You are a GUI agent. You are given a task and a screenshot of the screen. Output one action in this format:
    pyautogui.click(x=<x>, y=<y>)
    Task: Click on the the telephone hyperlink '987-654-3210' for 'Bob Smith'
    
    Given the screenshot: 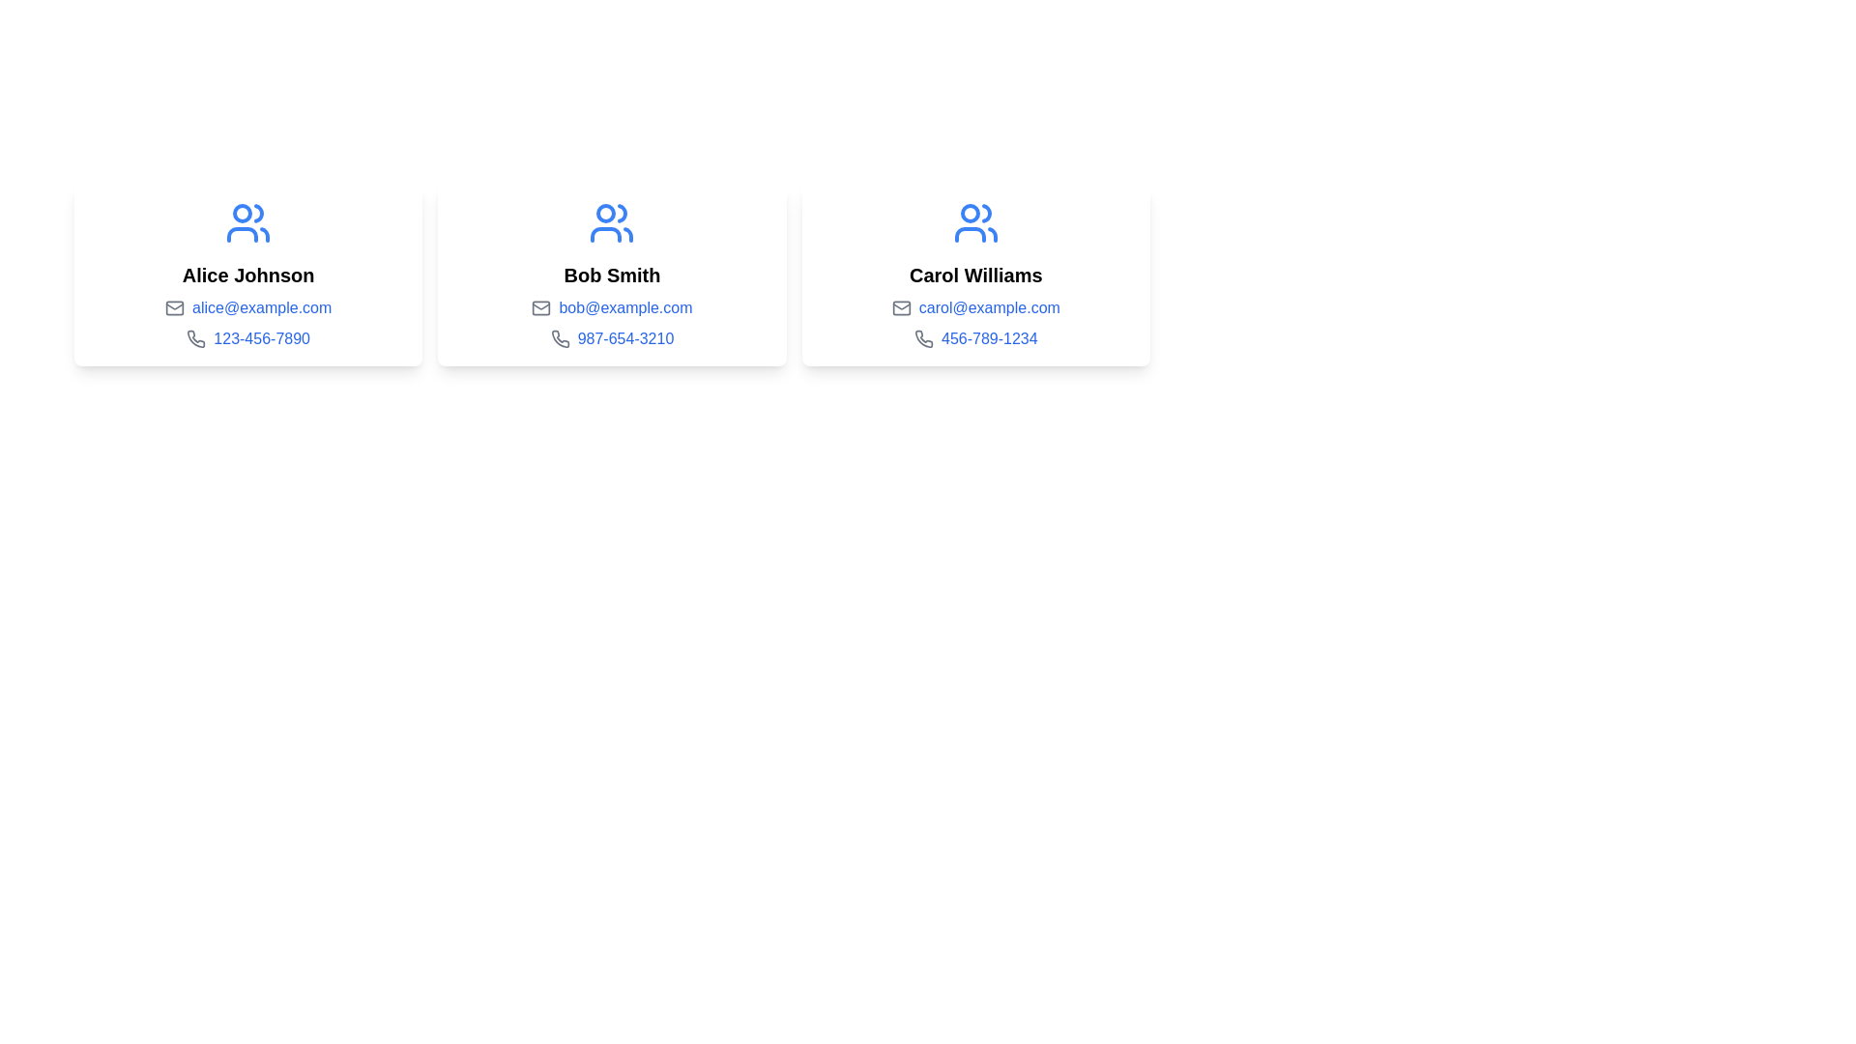 What is the action you would take?
    pyautogui.click(x=611, y=338)
    